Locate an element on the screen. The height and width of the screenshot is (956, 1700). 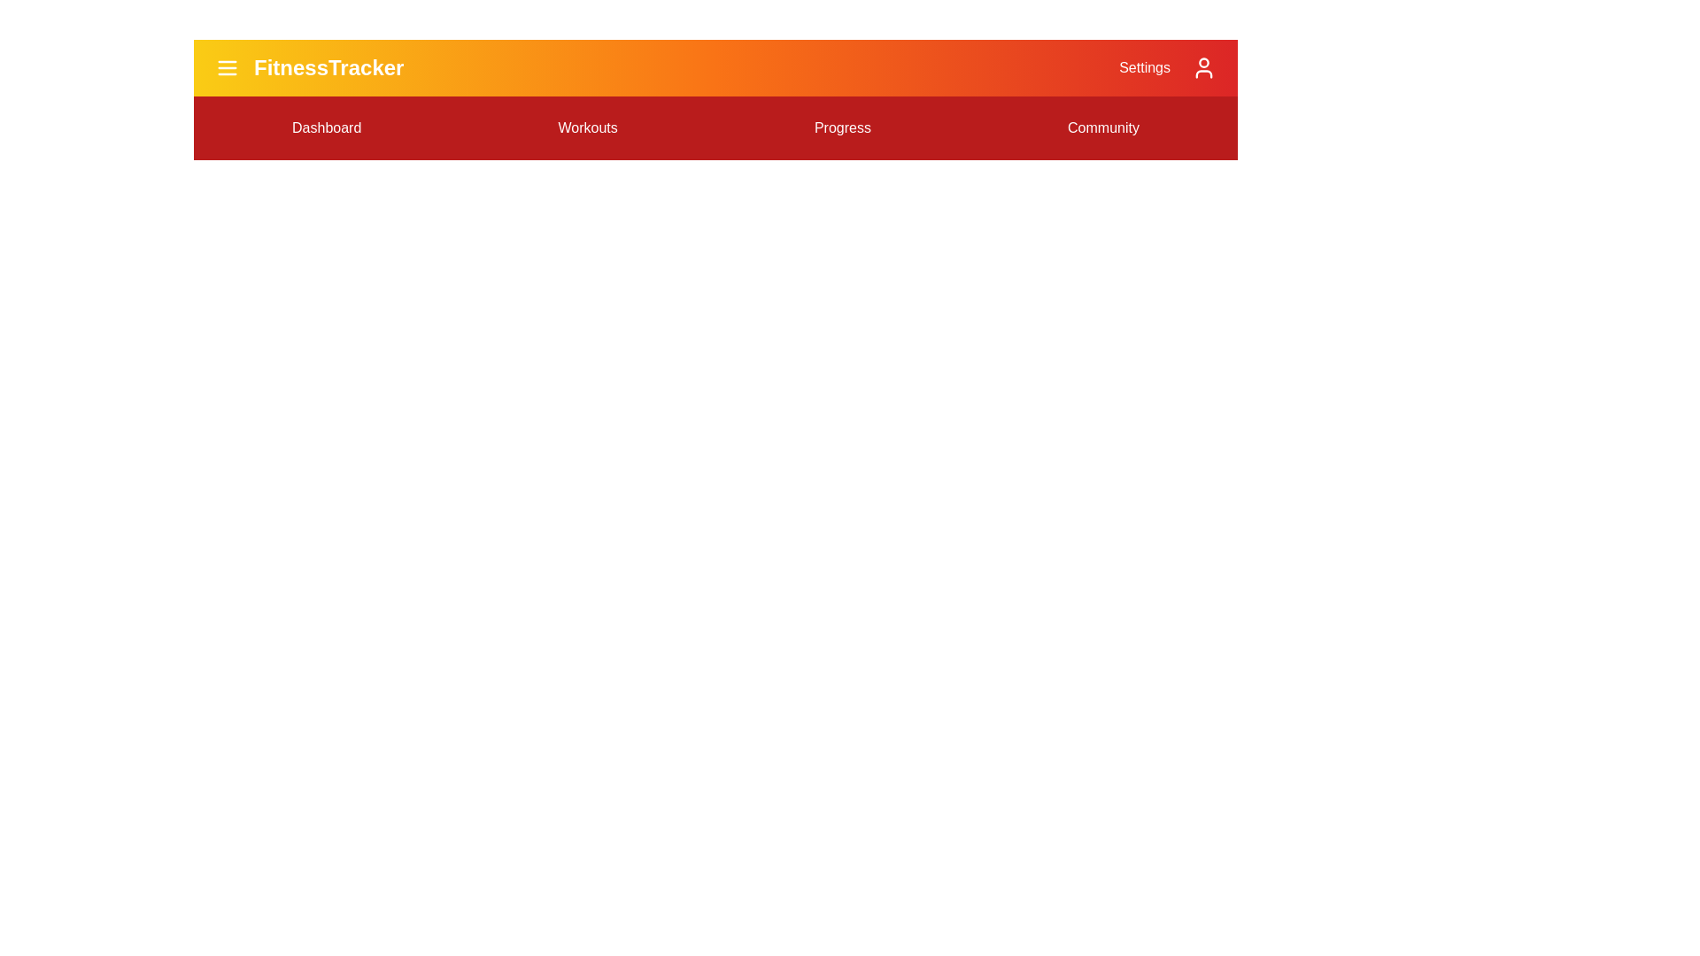
the menu option Workouts from the FitnessAppBar is located at coordinates (587, 127).